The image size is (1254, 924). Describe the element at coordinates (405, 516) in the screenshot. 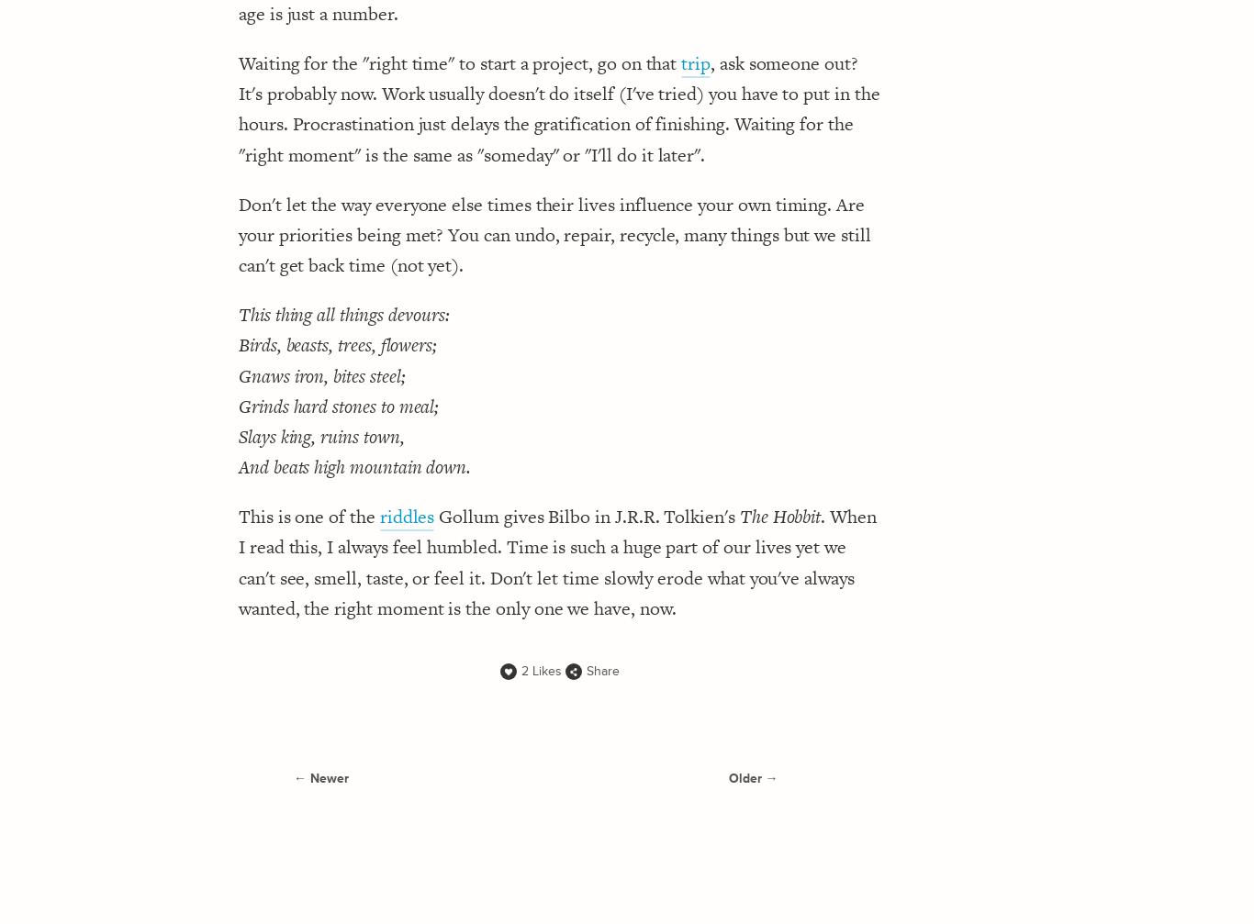

I see `'riddles'` at that location.